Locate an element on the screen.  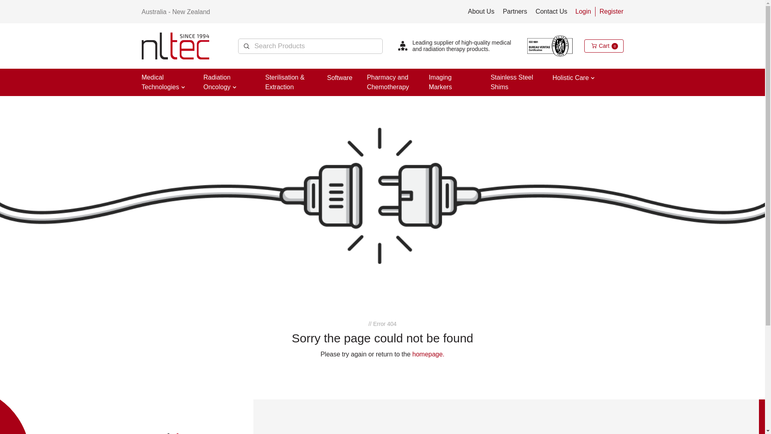
'Medical Technologies' is located at coordinates (160, 82).